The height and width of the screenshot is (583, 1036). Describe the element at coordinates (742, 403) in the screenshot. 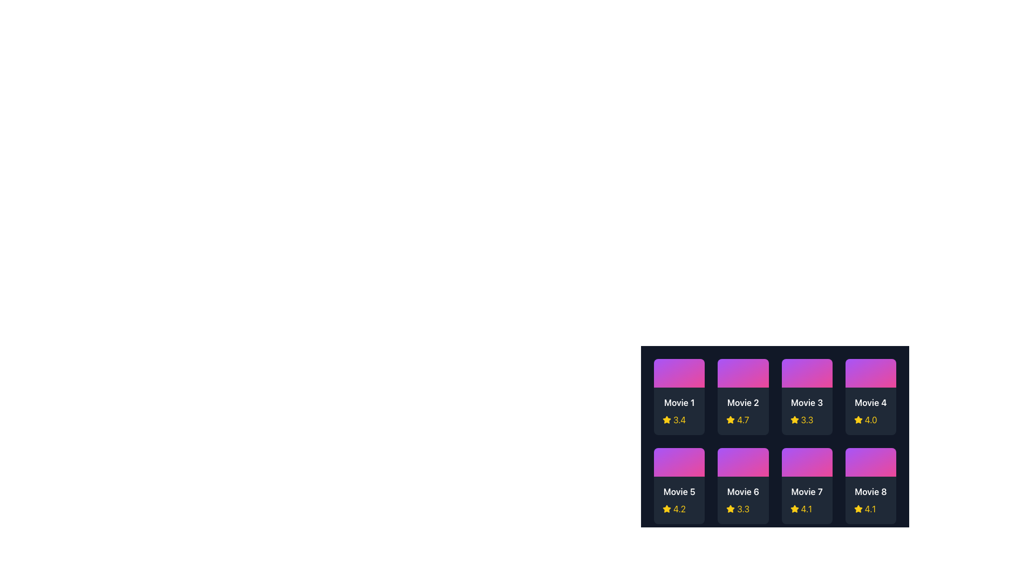

I see `the informational Text label displaying the movie name 'Movie 2' in the second position of the grid layout` at that location.